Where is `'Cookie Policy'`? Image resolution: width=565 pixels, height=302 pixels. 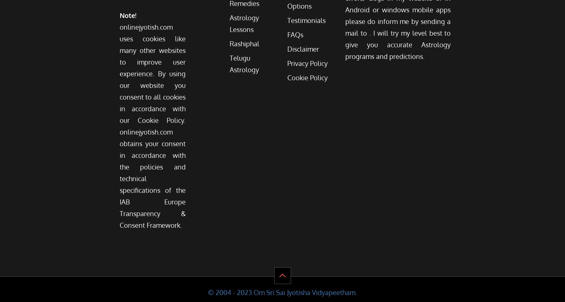 'Cookie Policy' is located at coordinates (307, 78).